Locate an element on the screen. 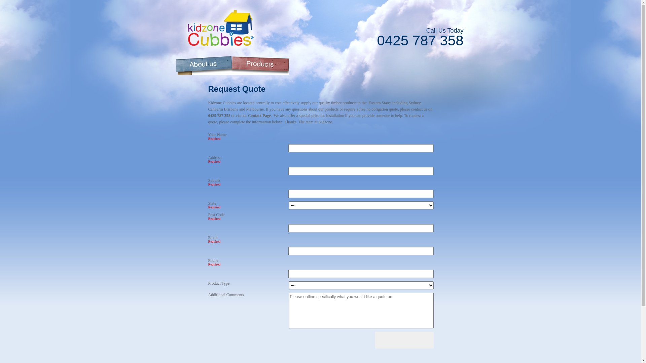 Image resolution: width=646 pixels, height=363 pixels. 'About Kidzone Cubbies' is located at coordinates (203, 66).